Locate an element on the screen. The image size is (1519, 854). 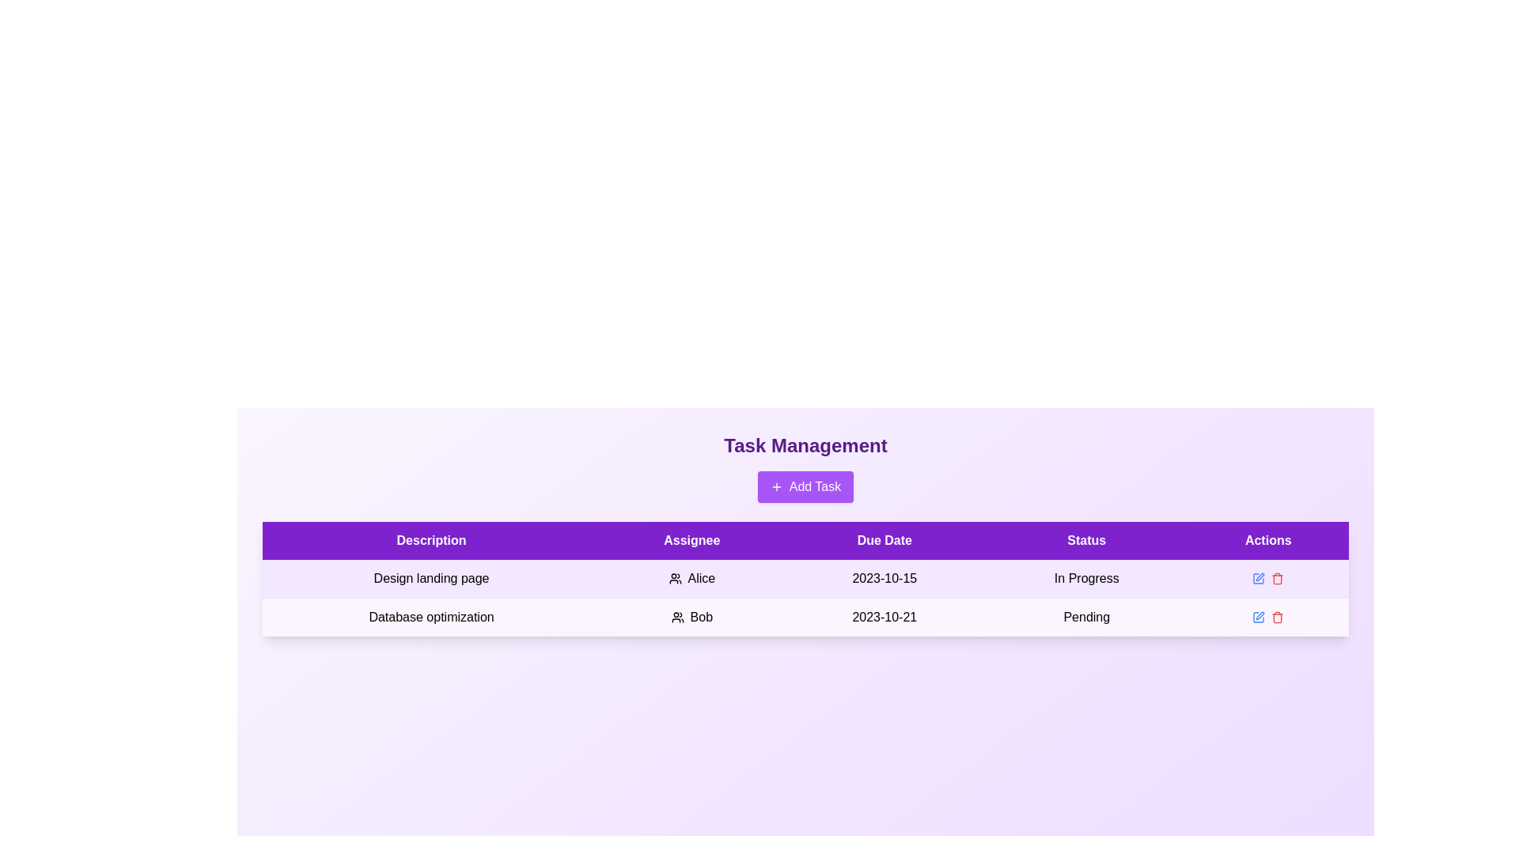
the small blue IconButton resembling a pen or edit symbol located in the 'Actions' column of the table is located at coordinates (1258, 616).